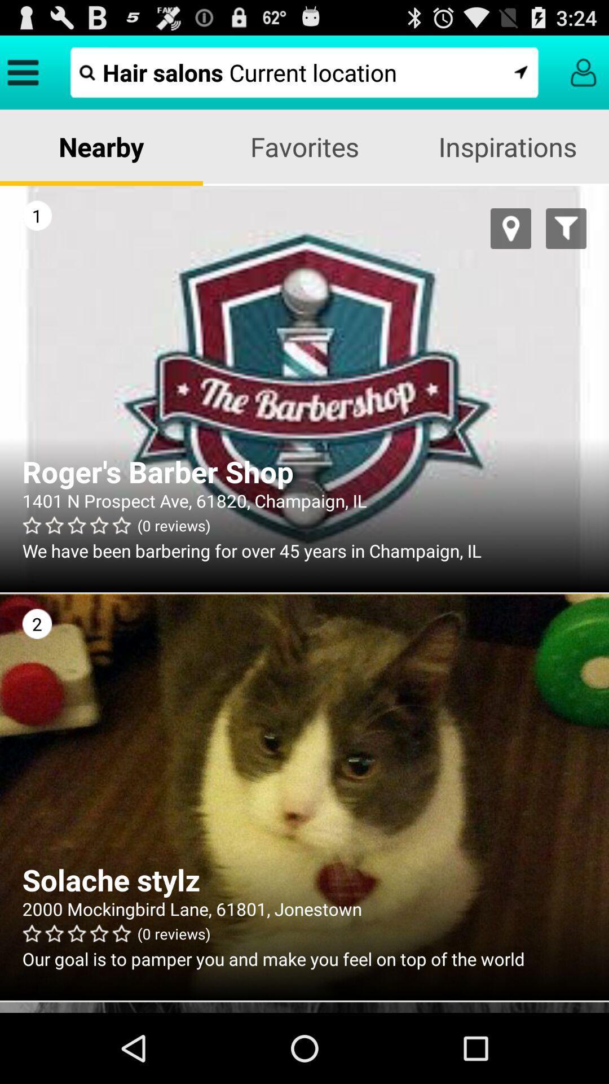  What do you see at coordinates (304, 958) in the screenshot?
I see `our goal is app` at bounding box center [304, 958].